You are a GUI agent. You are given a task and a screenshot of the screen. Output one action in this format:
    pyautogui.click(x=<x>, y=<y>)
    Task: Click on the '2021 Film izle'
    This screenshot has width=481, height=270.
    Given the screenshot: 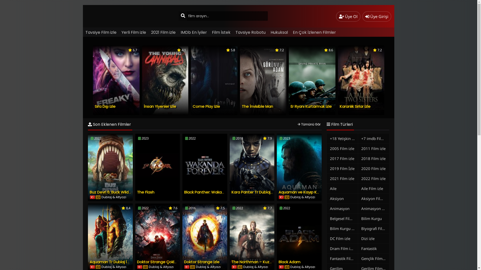 What is the action you would take?
    pyautogui.click(x=342, y=178)
    